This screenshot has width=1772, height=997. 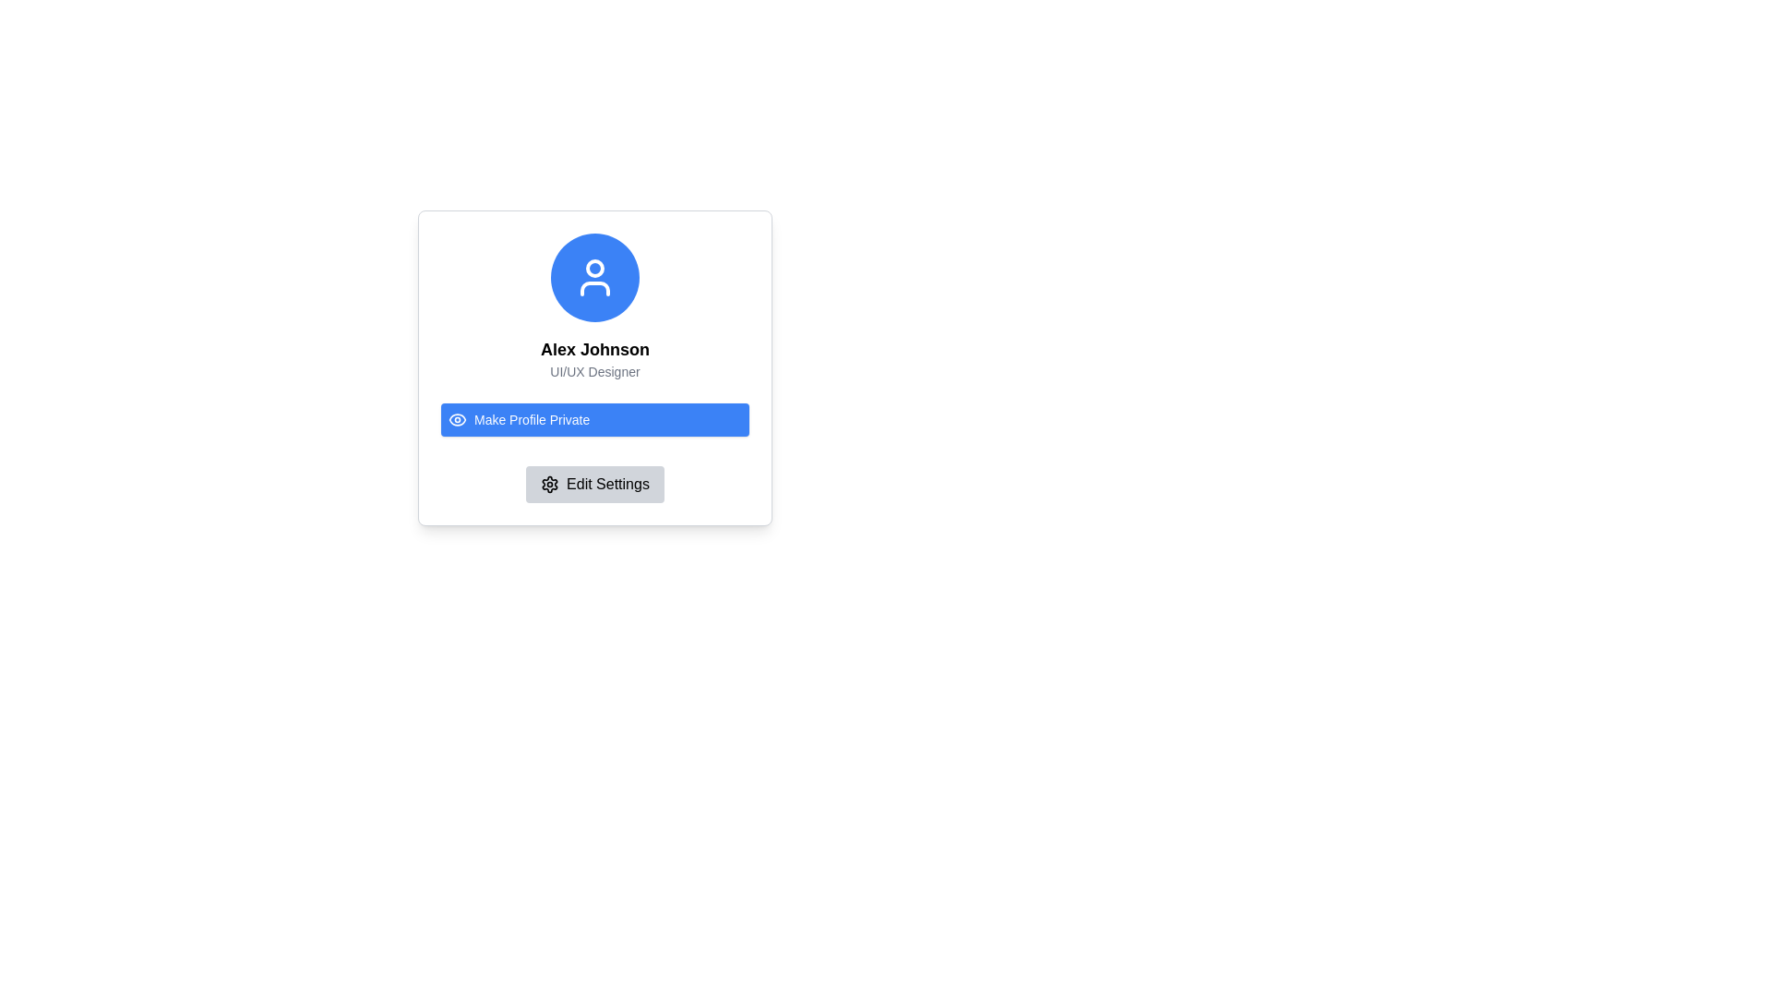 What do you see at coordinates (594, 277) in the screenshot?
I see `the user profile icon, which is visually represented as a circular icon located above the text 'Alex Johnson' in the profile card interface` at bounding box center [594, 277].